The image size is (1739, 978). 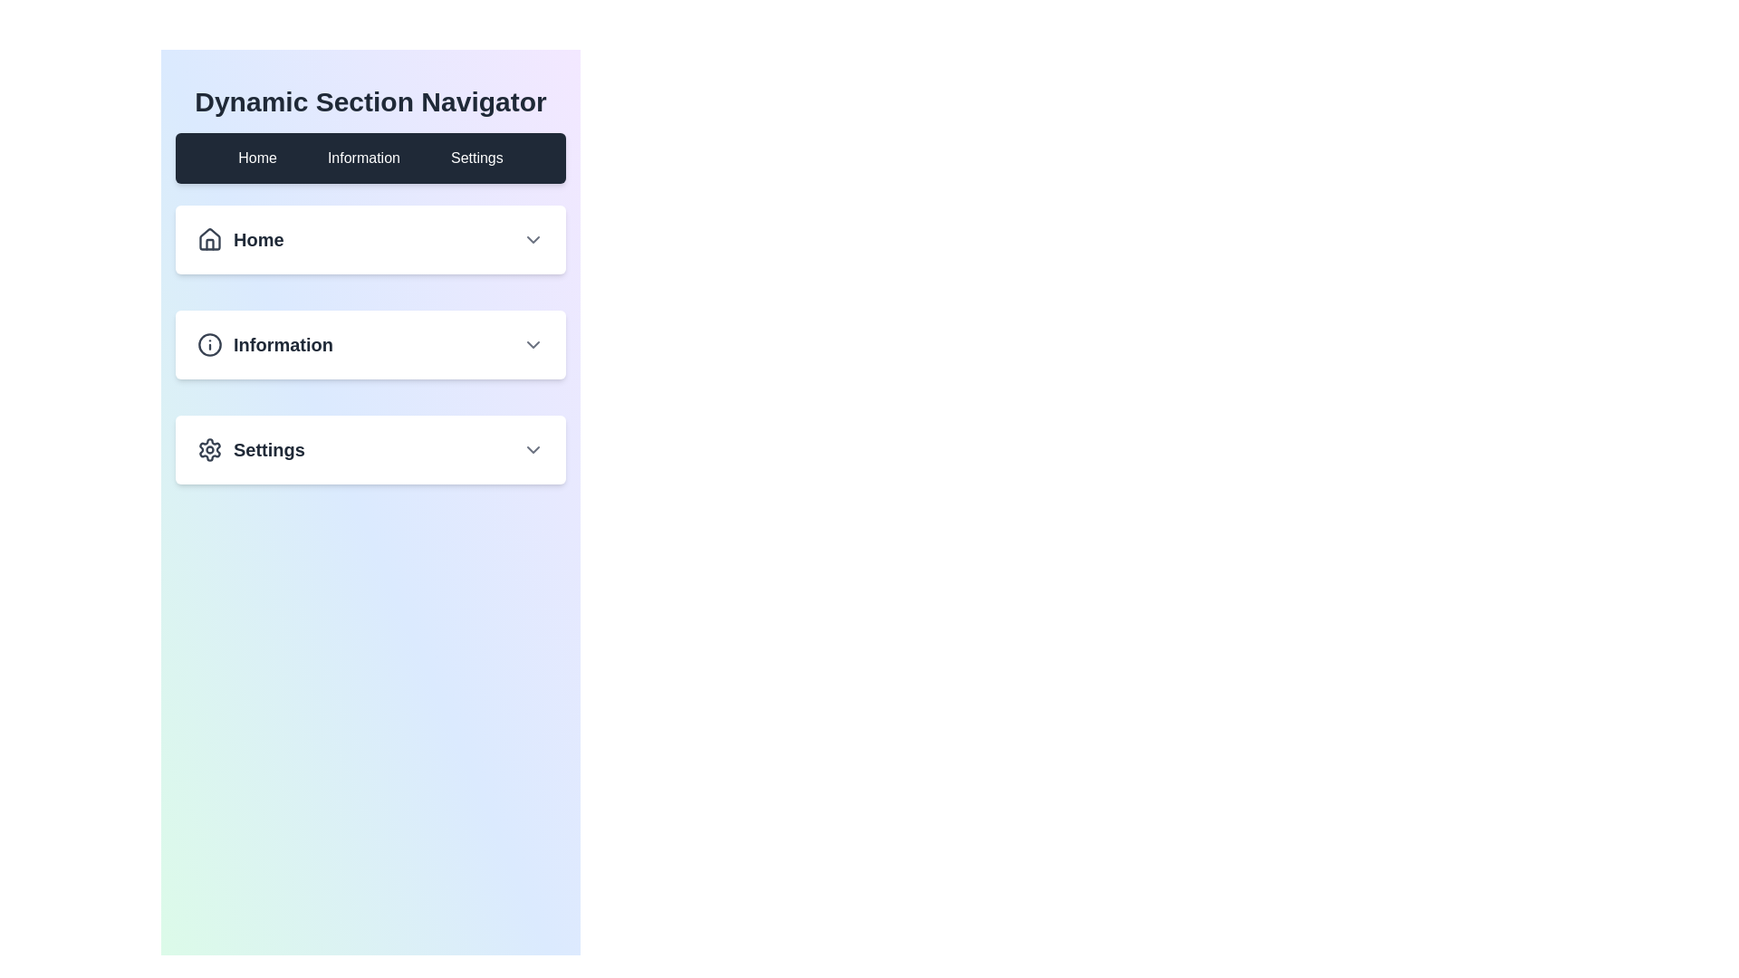 What do you see at coordinates (209, 449) in the screenshot?
I see `the gear icon button indicating settings, which is the first item in the 'Settings' section at the bottom of the vertical navigation list` at bounding box center [209, 449].